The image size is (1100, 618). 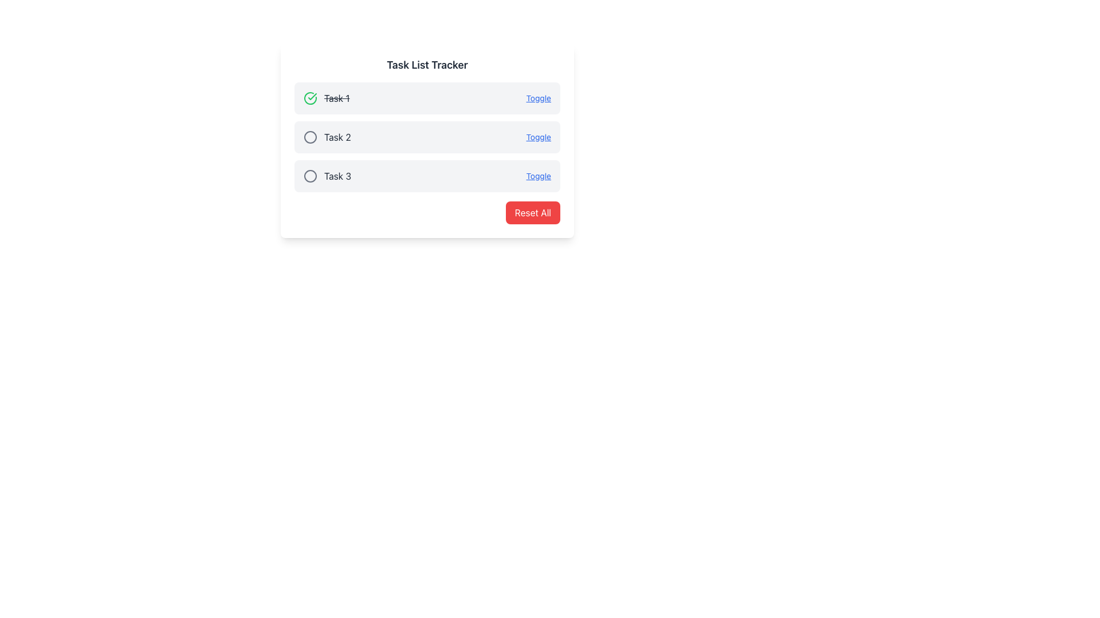 I want to click on the circular boundary of the checkbox graphic for 'Task 1' in the first row of the task list, which indicates the checked state, so click(x=311, y=98).